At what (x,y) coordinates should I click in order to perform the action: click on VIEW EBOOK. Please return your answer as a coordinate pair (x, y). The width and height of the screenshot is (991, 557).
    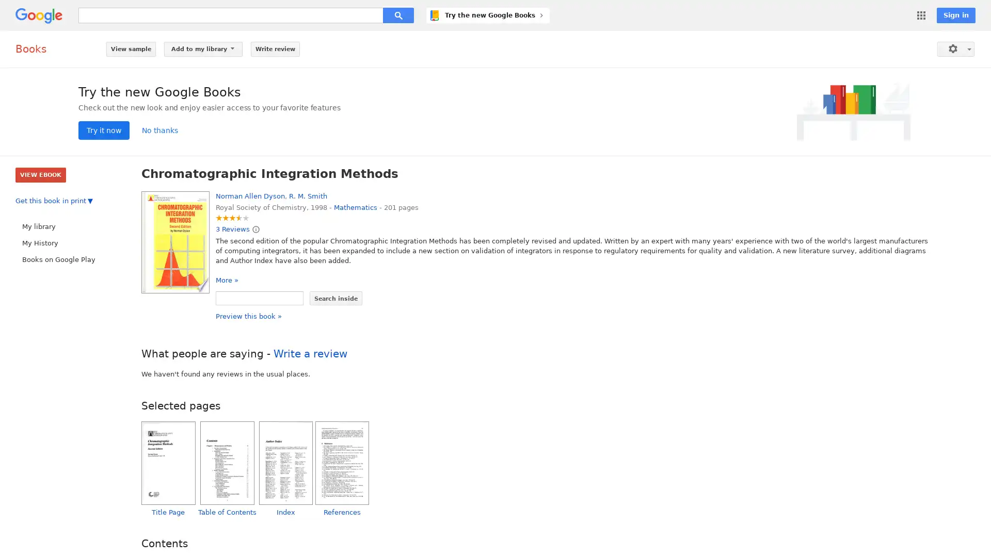
    Looking at the image, I should click on (40, 174).